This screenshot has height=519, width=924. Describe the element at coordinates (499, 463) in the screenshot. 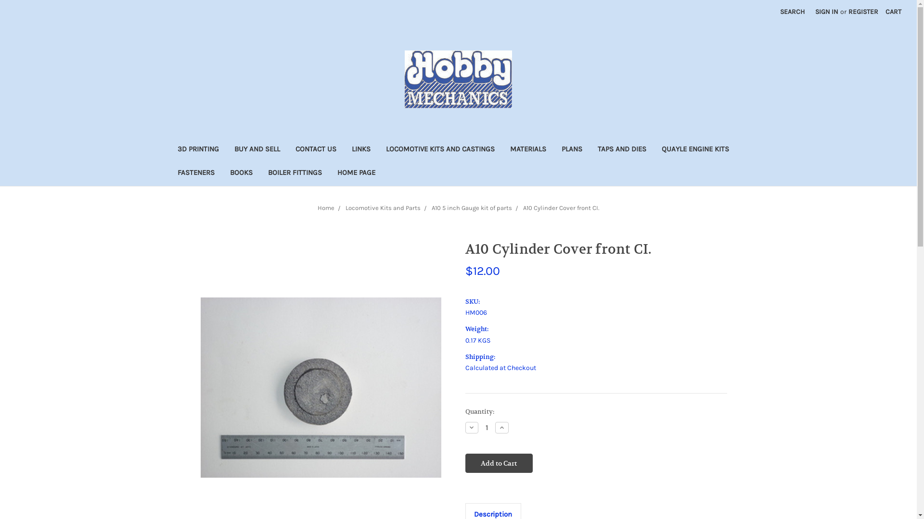

I see `'Add to Cart'` at that location.